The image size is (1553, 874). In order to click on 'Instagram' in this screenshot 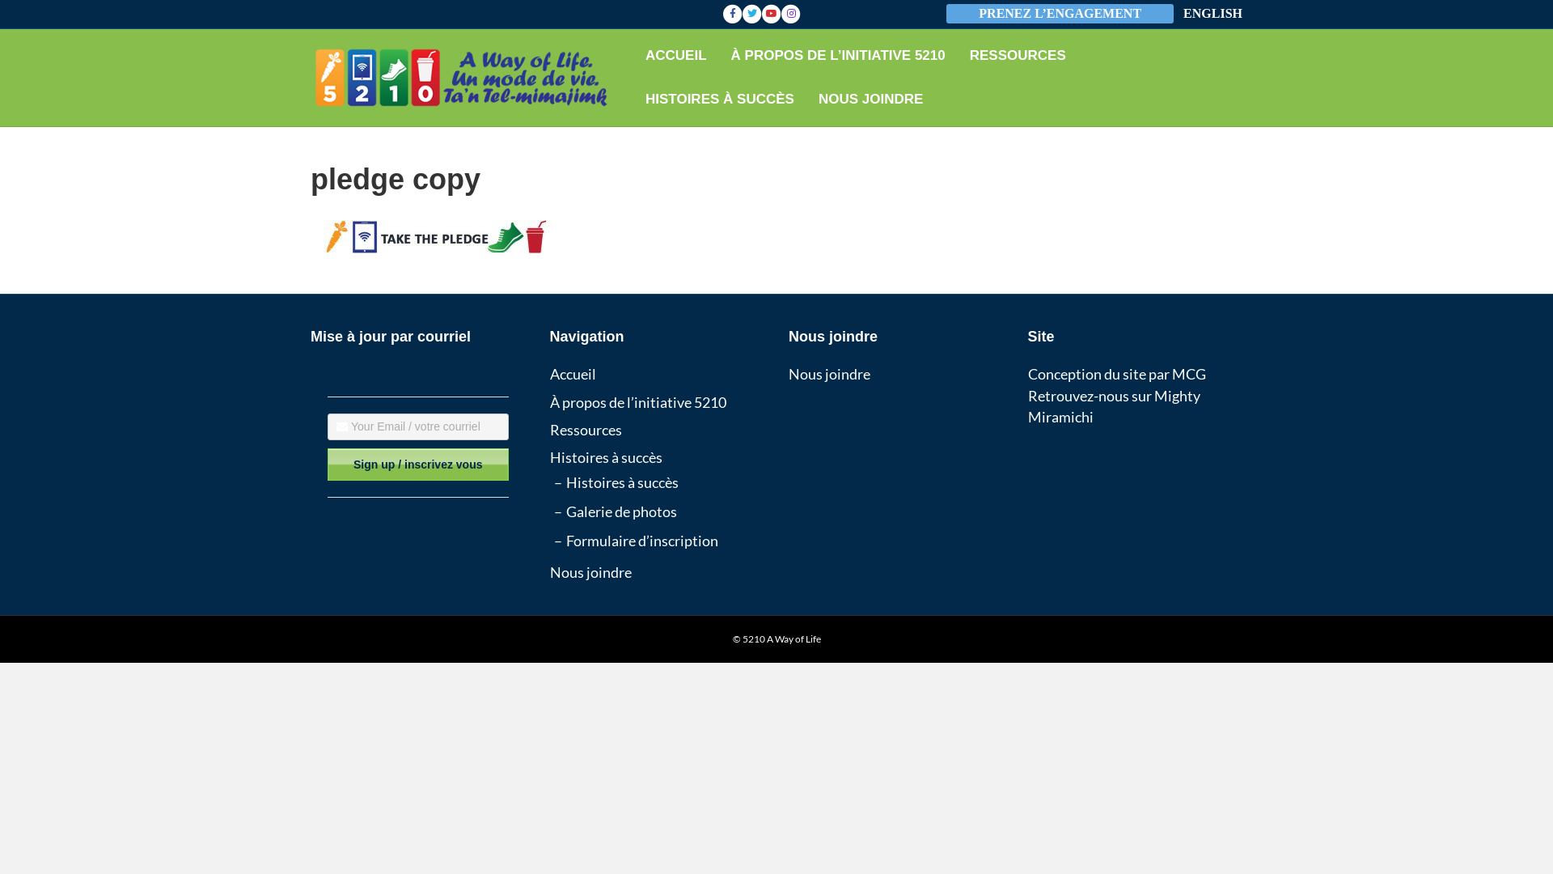, I will do `click(791, 13)`.